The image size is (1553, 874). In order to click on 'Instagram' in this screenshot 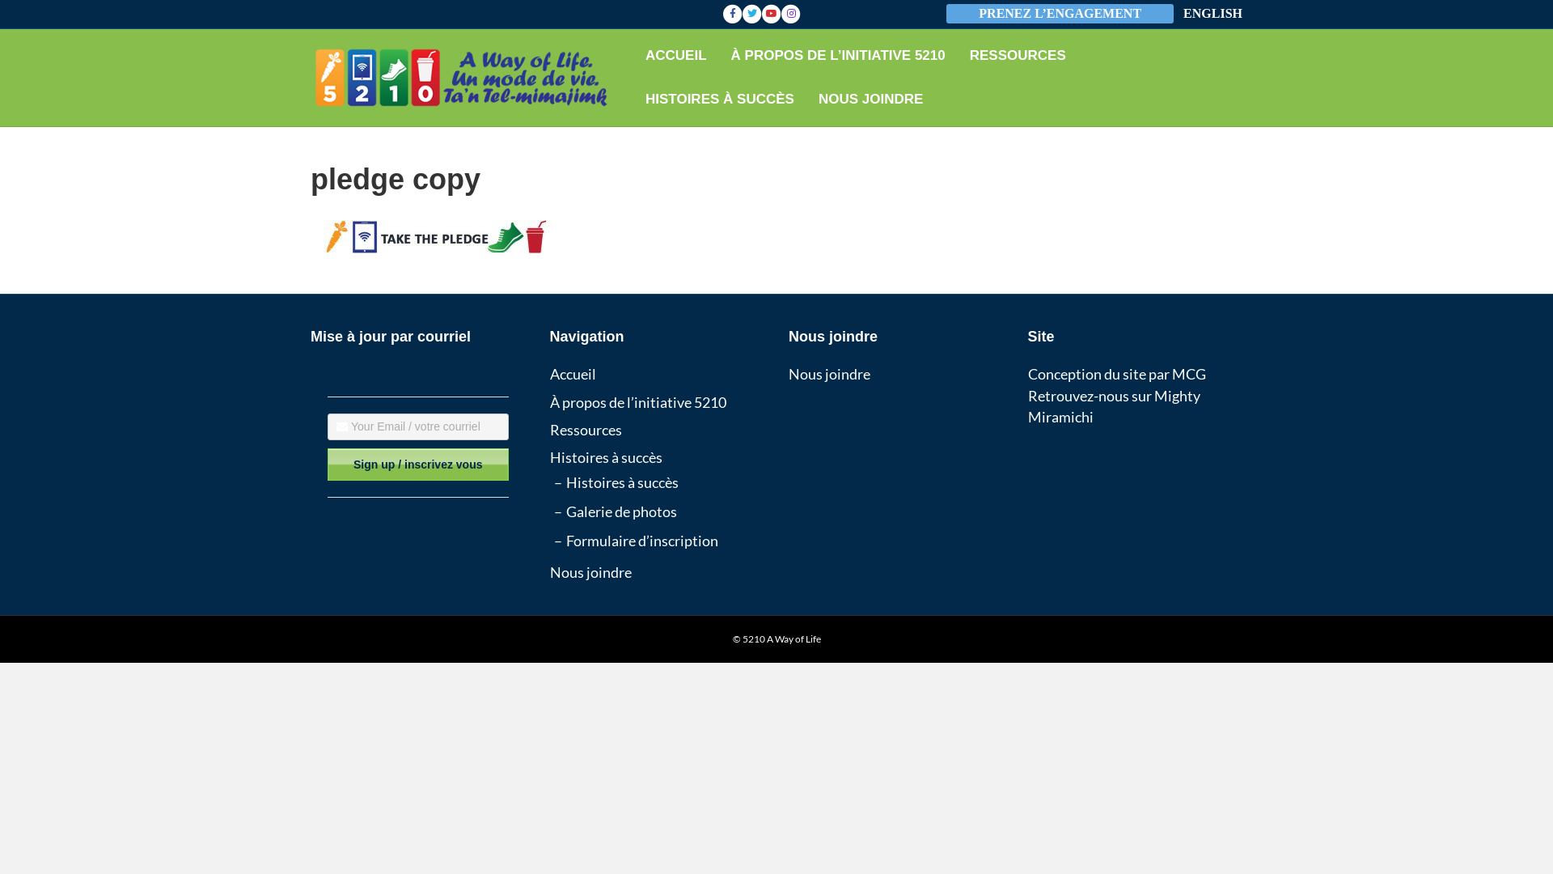, I will do `click(791, 13)`.